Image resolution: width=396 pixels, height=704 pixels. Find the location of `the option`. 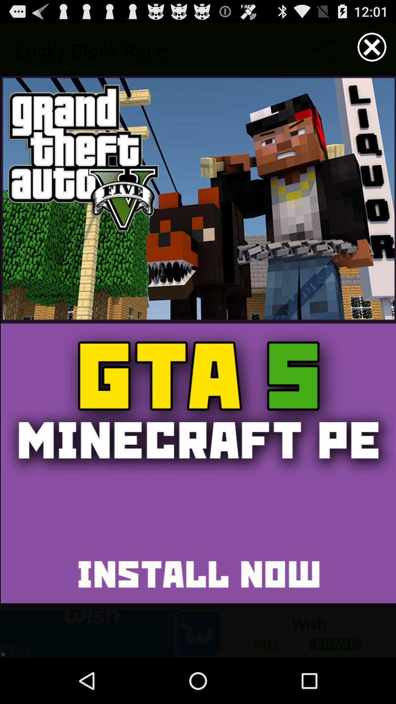

the option is located at coordinates (372, 47).